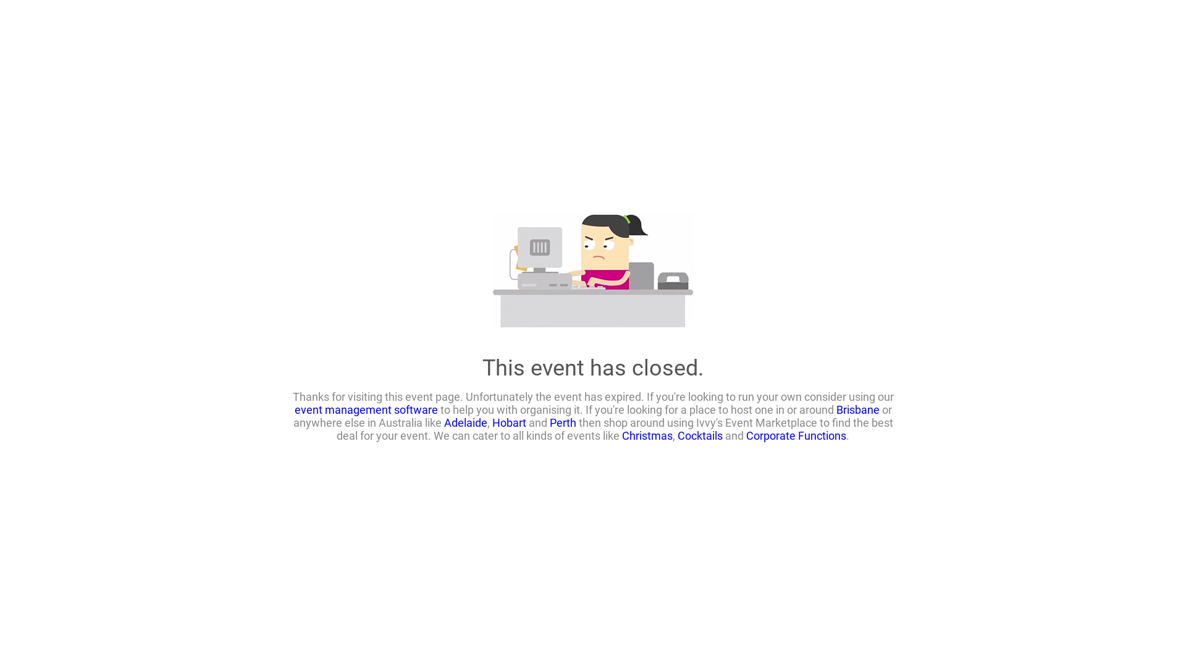 This screenshot has width=1186, height=667. What do you see at coordinates (857, 409) in the screenshot?
I see `'Brisbane'` at bounding box center [857, 409].